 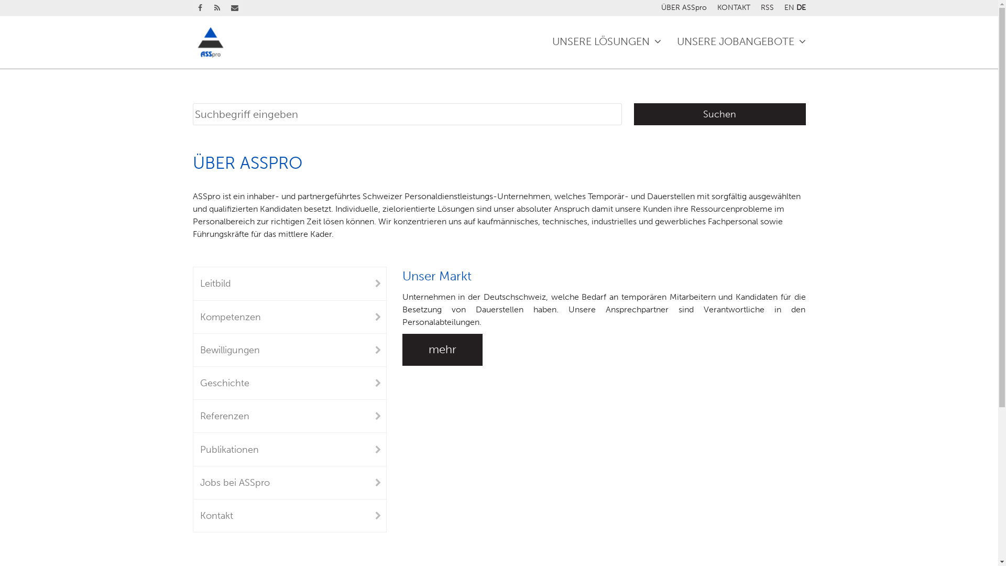 What do you see at coordinates (289, 283) in the screenshot?
I see `'Leitbild'` at bounding box center [289, 283].